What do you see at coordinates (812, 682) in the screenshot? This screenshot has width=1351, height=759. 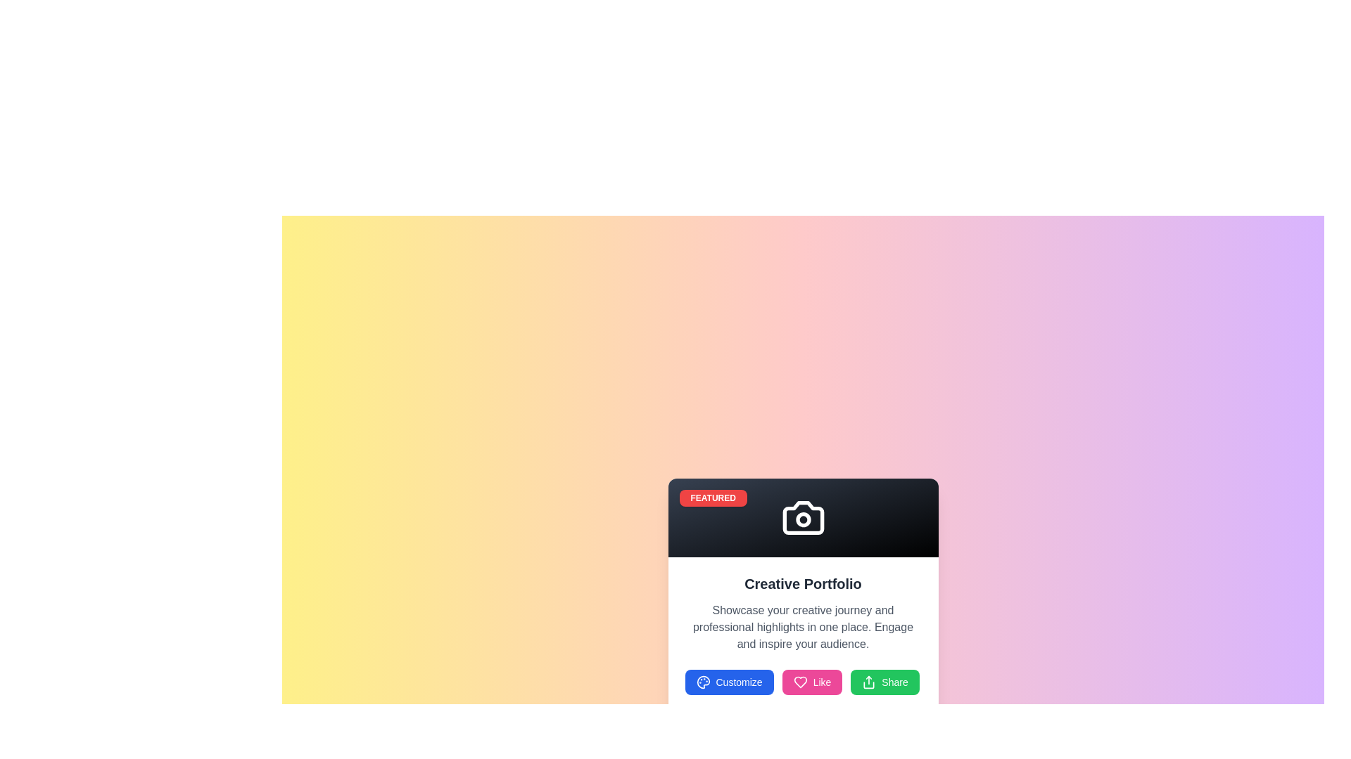 I see `the middle button in the horizontal row of three buttons` at bounding box center [812, 682].